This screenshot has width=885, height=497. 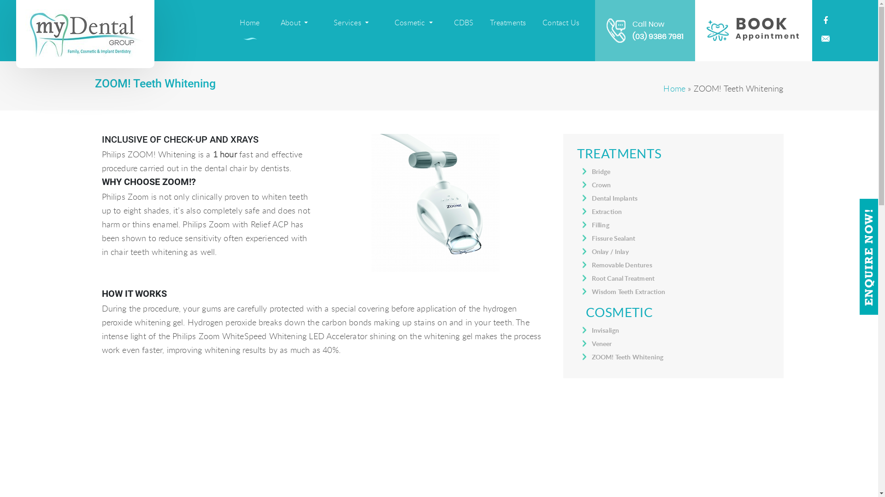 What do you see at coordinates (614, 237) in the screenshot?
I see `'Fissure Sealant'` at bounding box center [614, 237].